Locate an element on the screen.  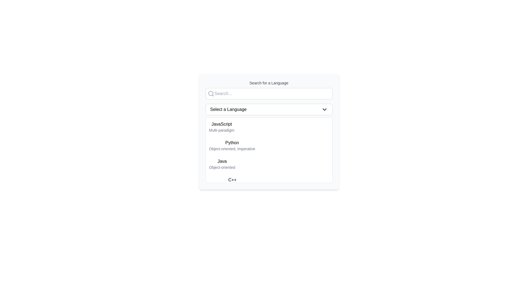
the informational text label that describes the 'Java' programming language, located directly beneath the 'Java' label is located at coordinates (222, 167).